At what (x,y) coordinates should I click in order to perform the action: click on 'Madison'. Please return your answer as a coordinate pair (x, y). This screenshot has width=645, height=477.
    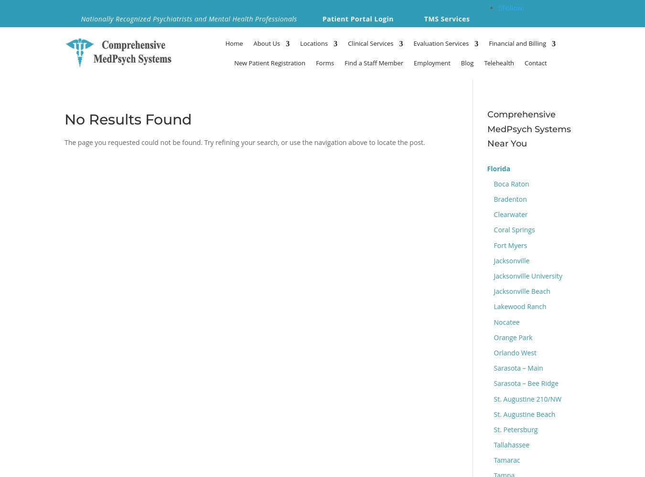
    Looking at the image, I should click on (453, 125).